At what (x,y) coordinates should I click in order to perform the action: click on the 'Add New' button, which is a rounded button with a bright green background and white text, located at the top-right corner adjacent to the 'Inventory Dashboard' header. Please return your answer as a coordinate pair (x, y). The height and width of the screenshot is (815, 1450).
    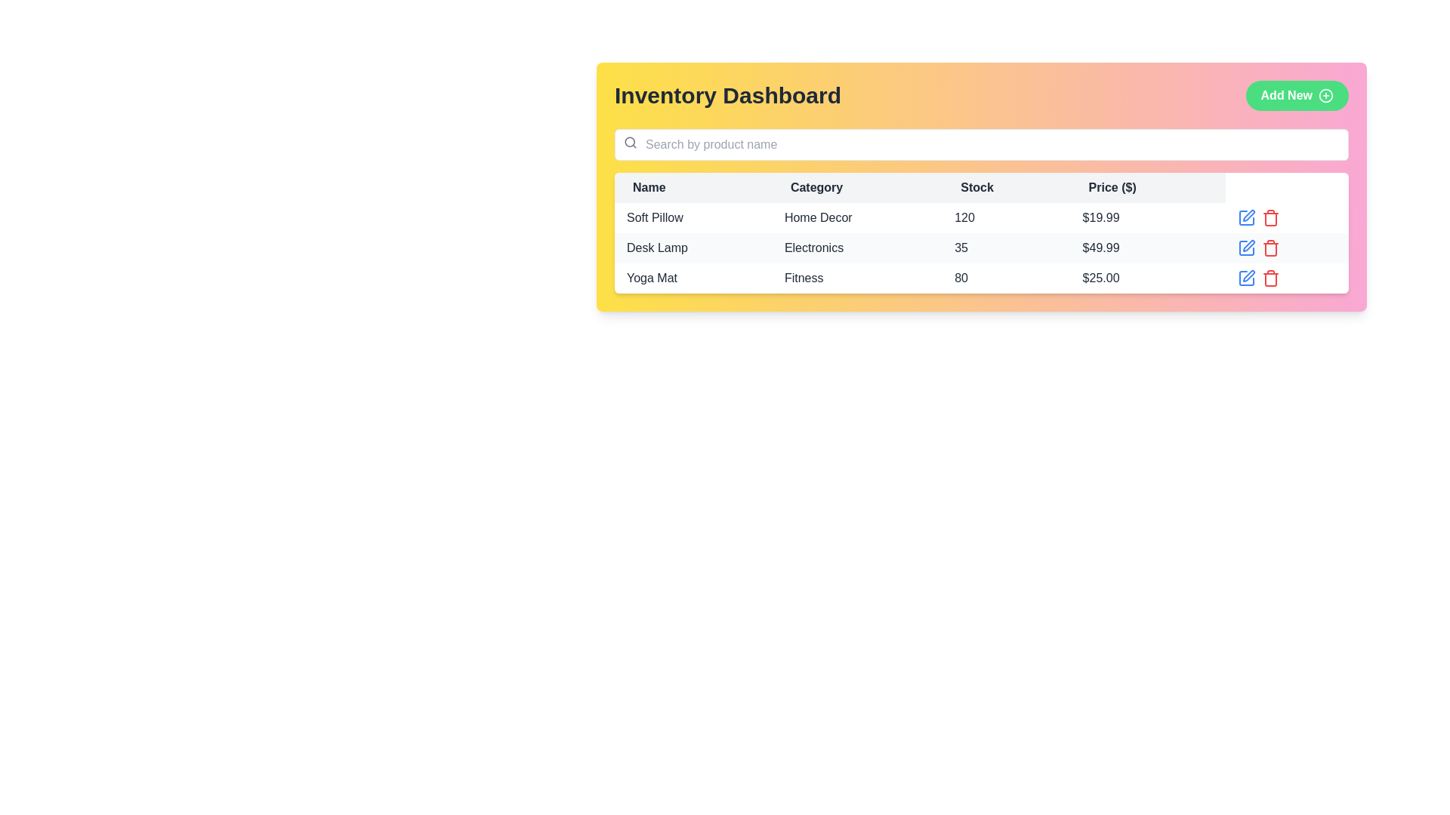
    Looking at the image, I should click on (1296, 96).